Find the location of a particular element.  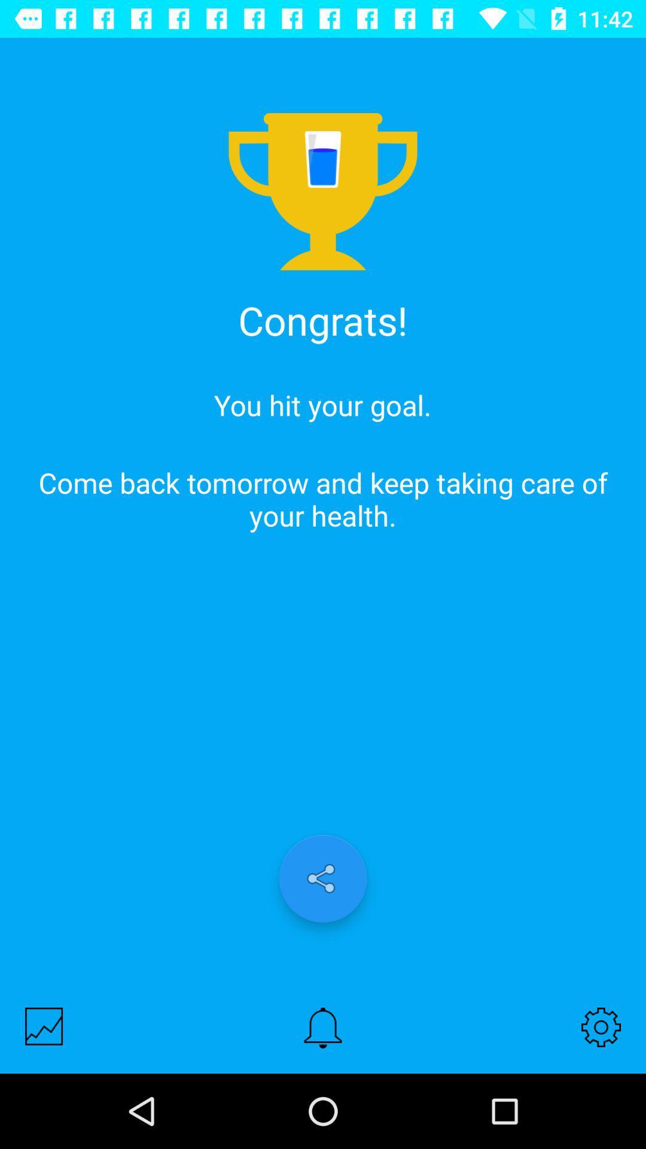

options button is located at coordinates (601, 1026).